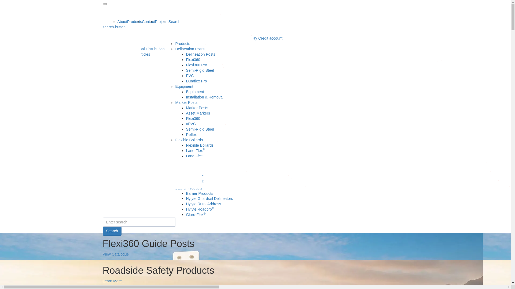  Describe the element at coordinates (203, 204) in the screenshot. I see `'Hylyte Rural Address'` at that location.